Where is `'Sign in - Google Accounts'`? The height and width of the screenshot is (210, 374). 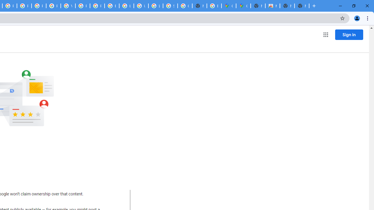
'Sign in - Google Accounts' is located at coordinates (170, 6).